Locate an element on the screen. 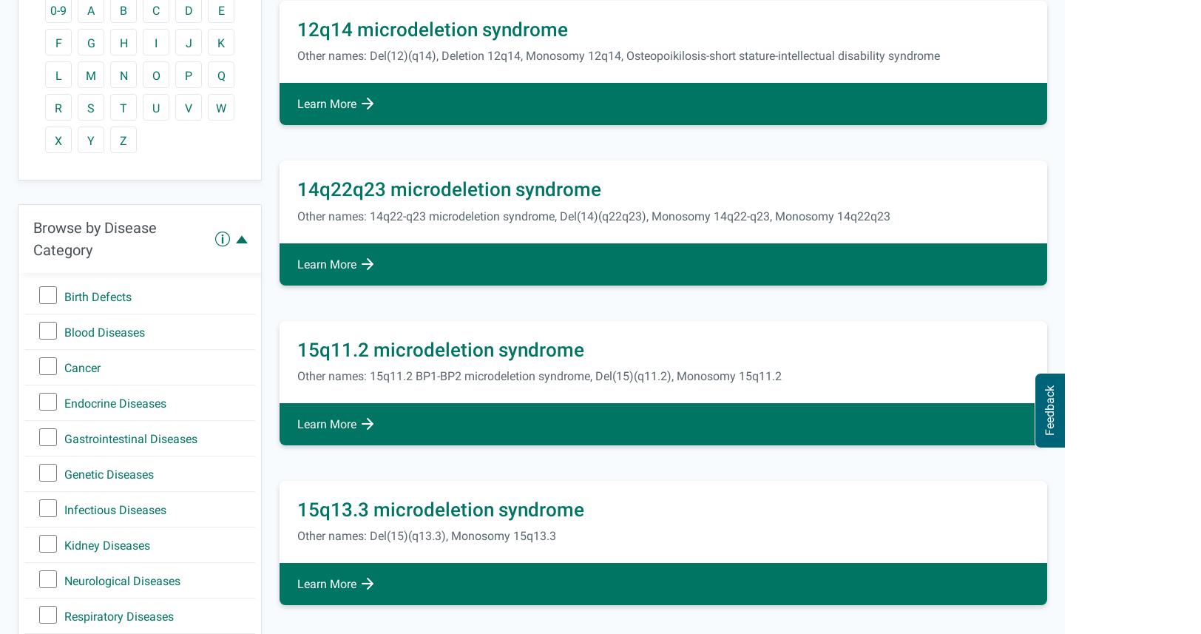  'V' is located at coordinates (188, 107).